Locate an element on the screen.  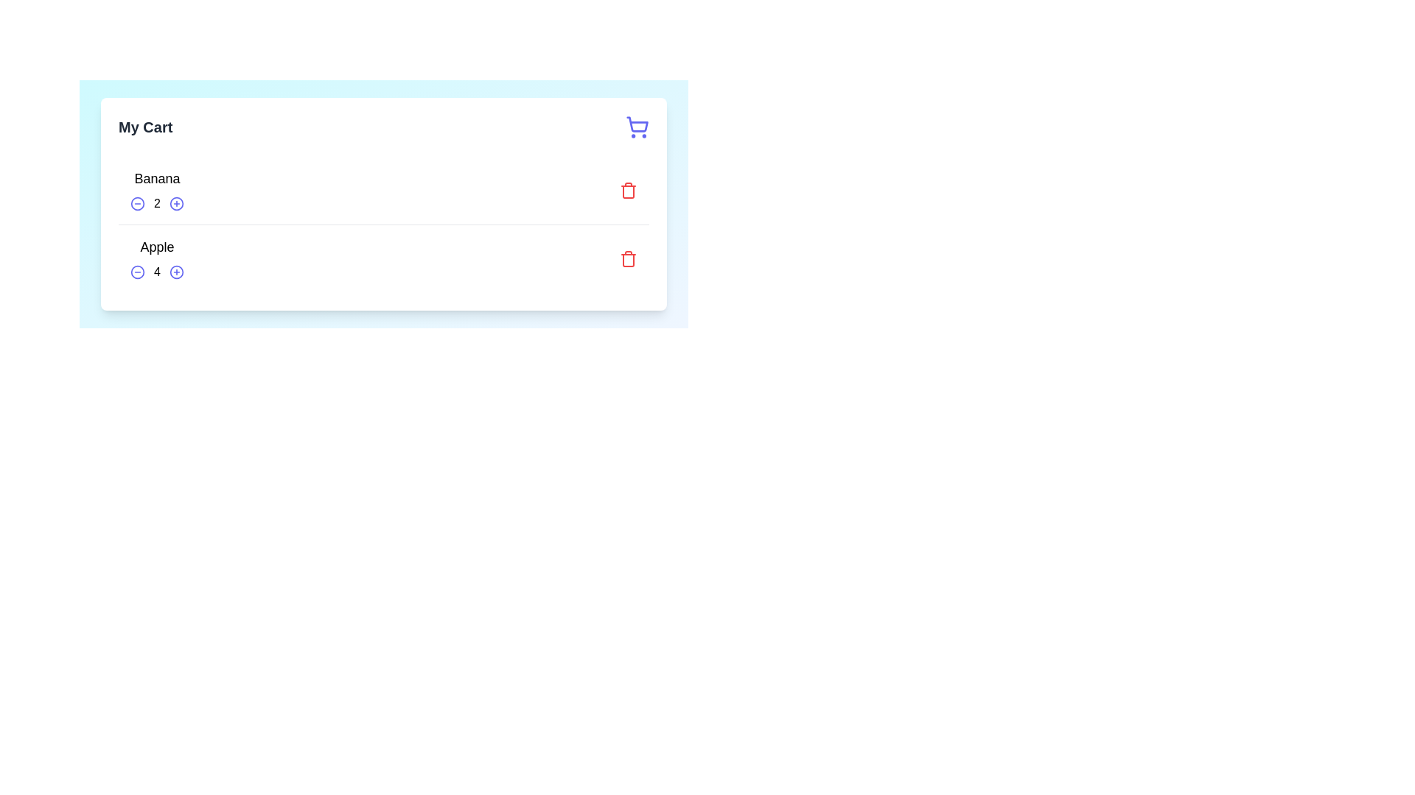
the button to increase the quantity of the 'Banana' item in the cart, located to the right of the quantity '2' is located at coordinates (177, 204).